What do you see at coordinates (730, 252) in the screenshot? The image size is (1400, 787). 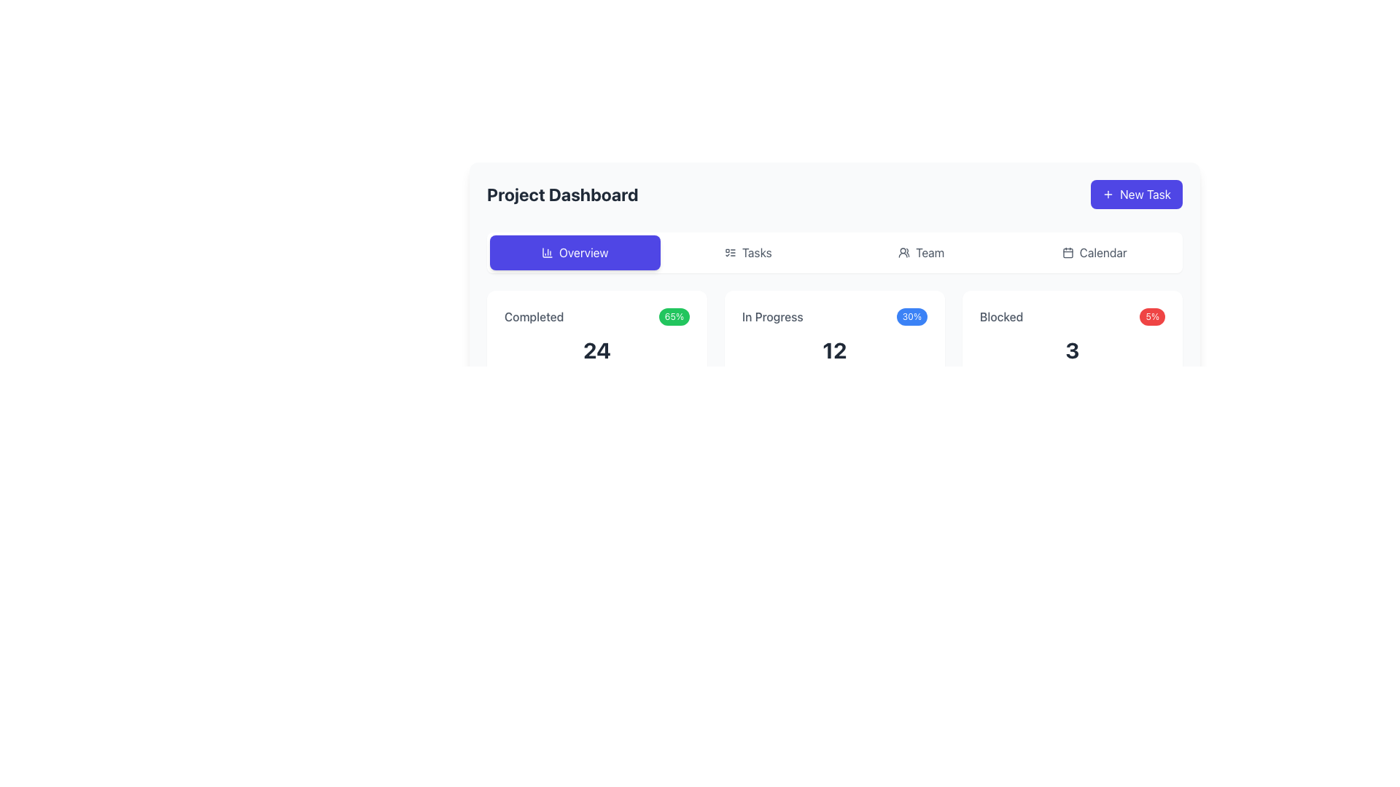 I see `accessibility tools` at bounding box center [730, 252].